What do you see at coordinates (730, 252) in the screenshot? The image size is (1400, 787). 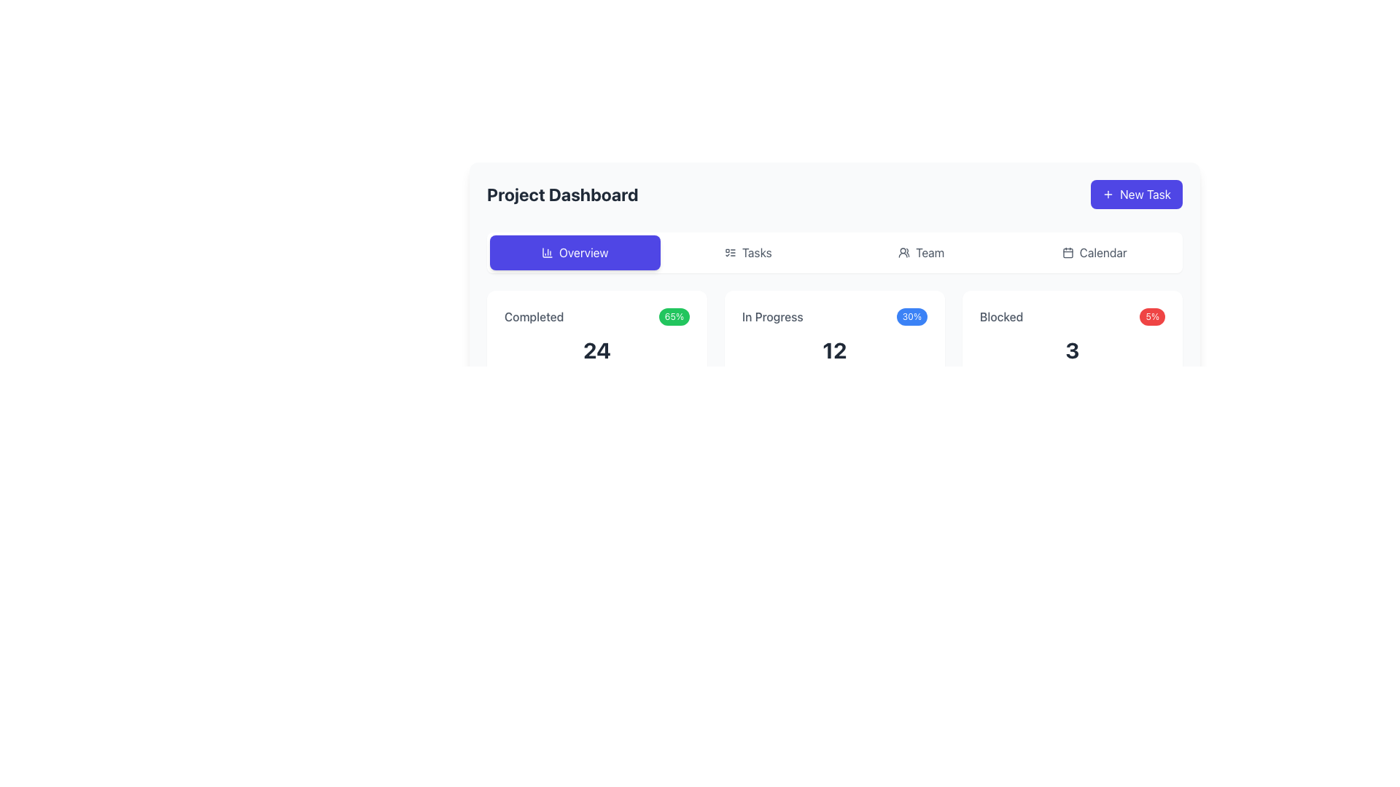 I see `accessibility tools` at bounding box center [730, 252].